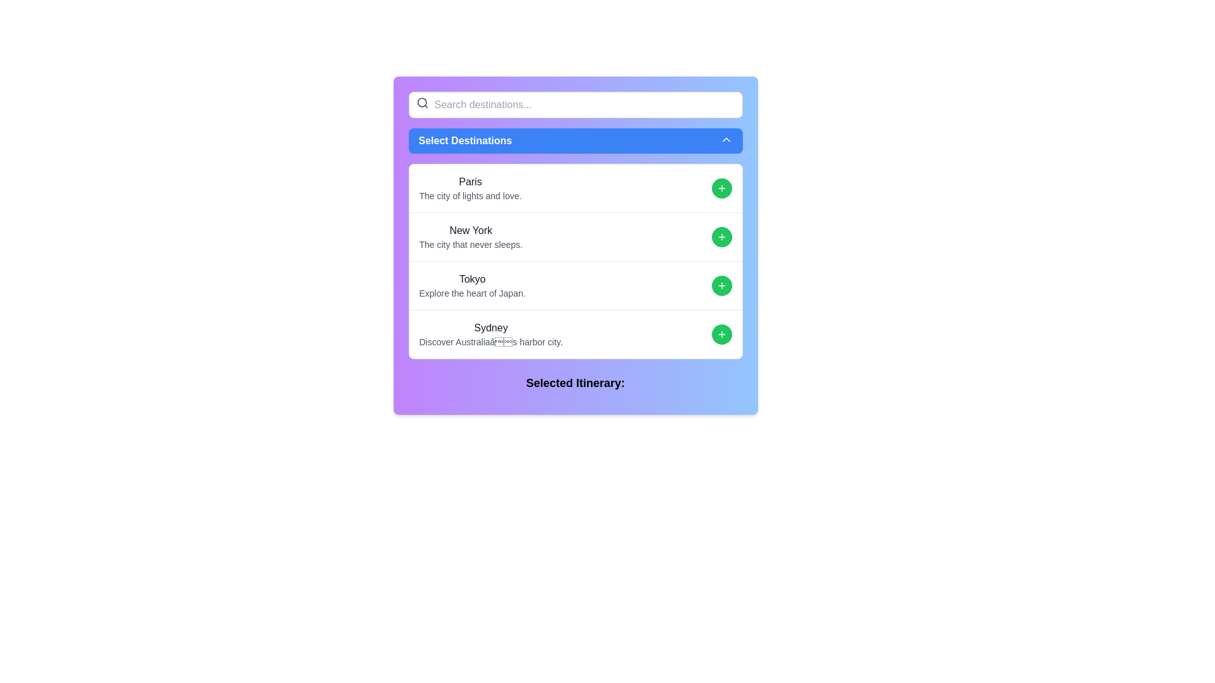 The width and height of the screenshot is (1215, 683). Describe the element at coordinates (490, 333) in the screenshot. I see `the Text Block displaying the destination 'Sydney', which is the fourth item in a vertically stacked list of destinations` at that location.